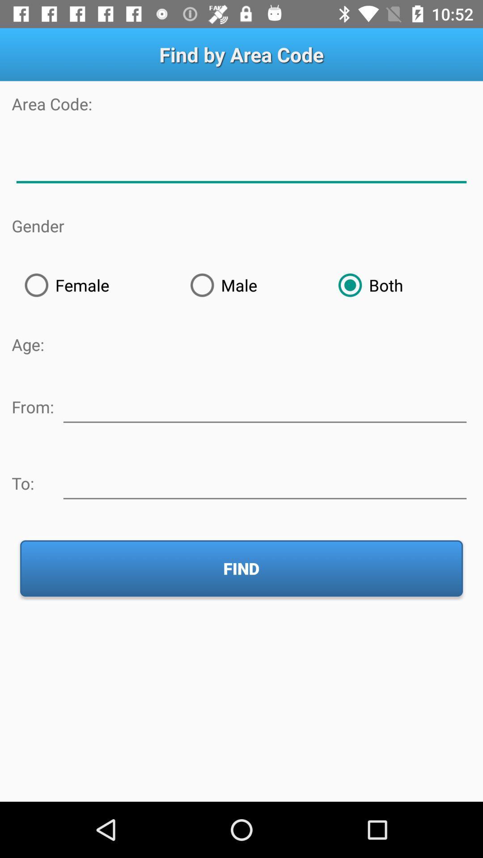  I want to click on the item next to both, so click(251, 285).